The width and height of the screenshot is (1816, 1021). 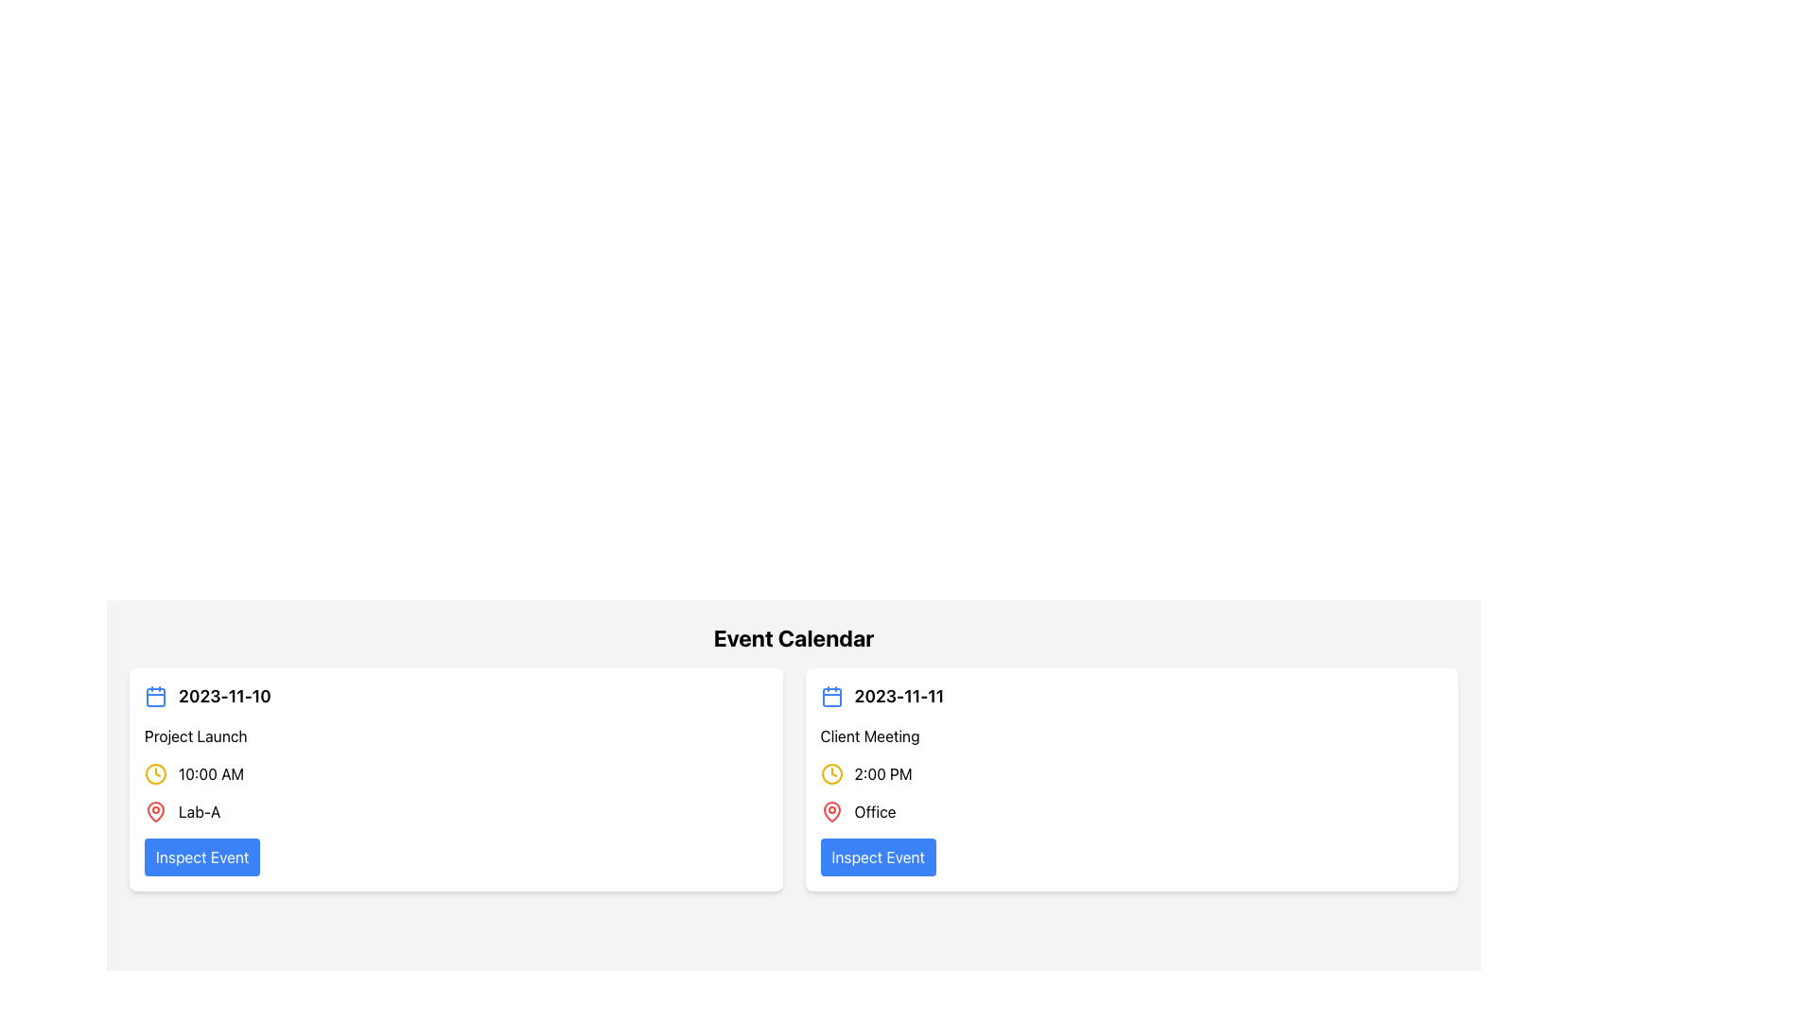 I want to click on the calendar icon located at the upper-left corner of the first event card, next to the date text '2023-11-10', so click(x=155, y=696).